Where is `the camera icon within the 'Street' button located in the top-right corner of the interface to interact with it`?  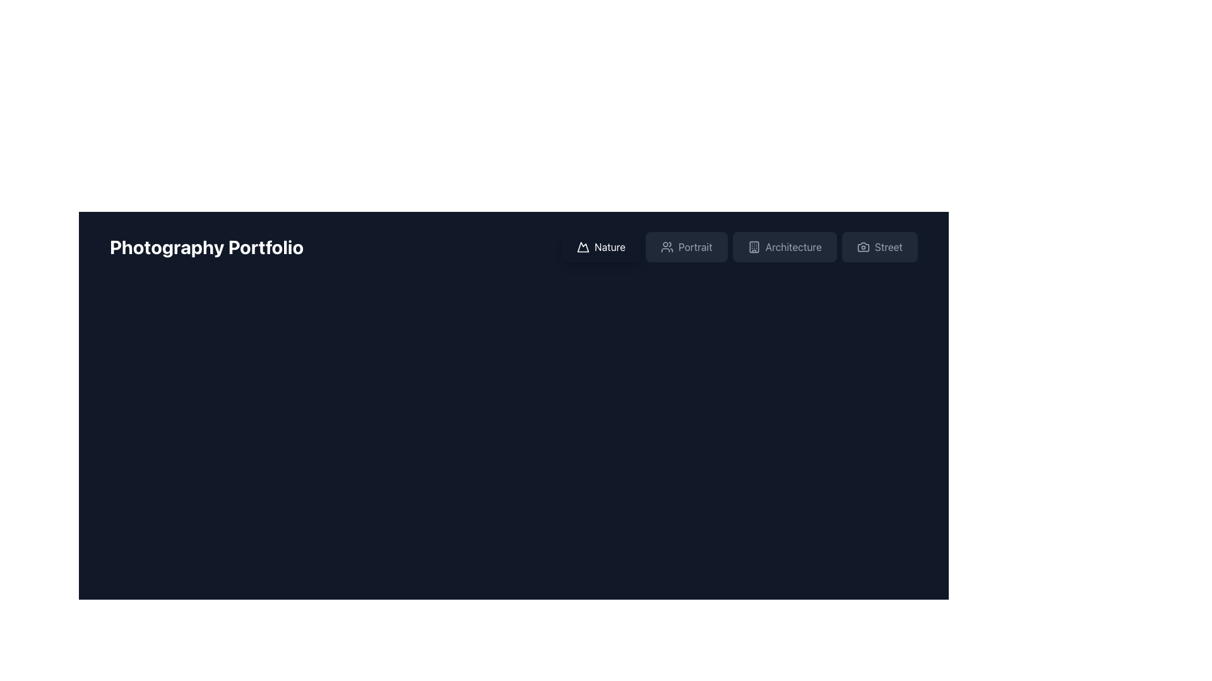
the camera icon within the 'Street' button located in the top-right corner of the interface to interact with it is located at coordinates (863, 247).